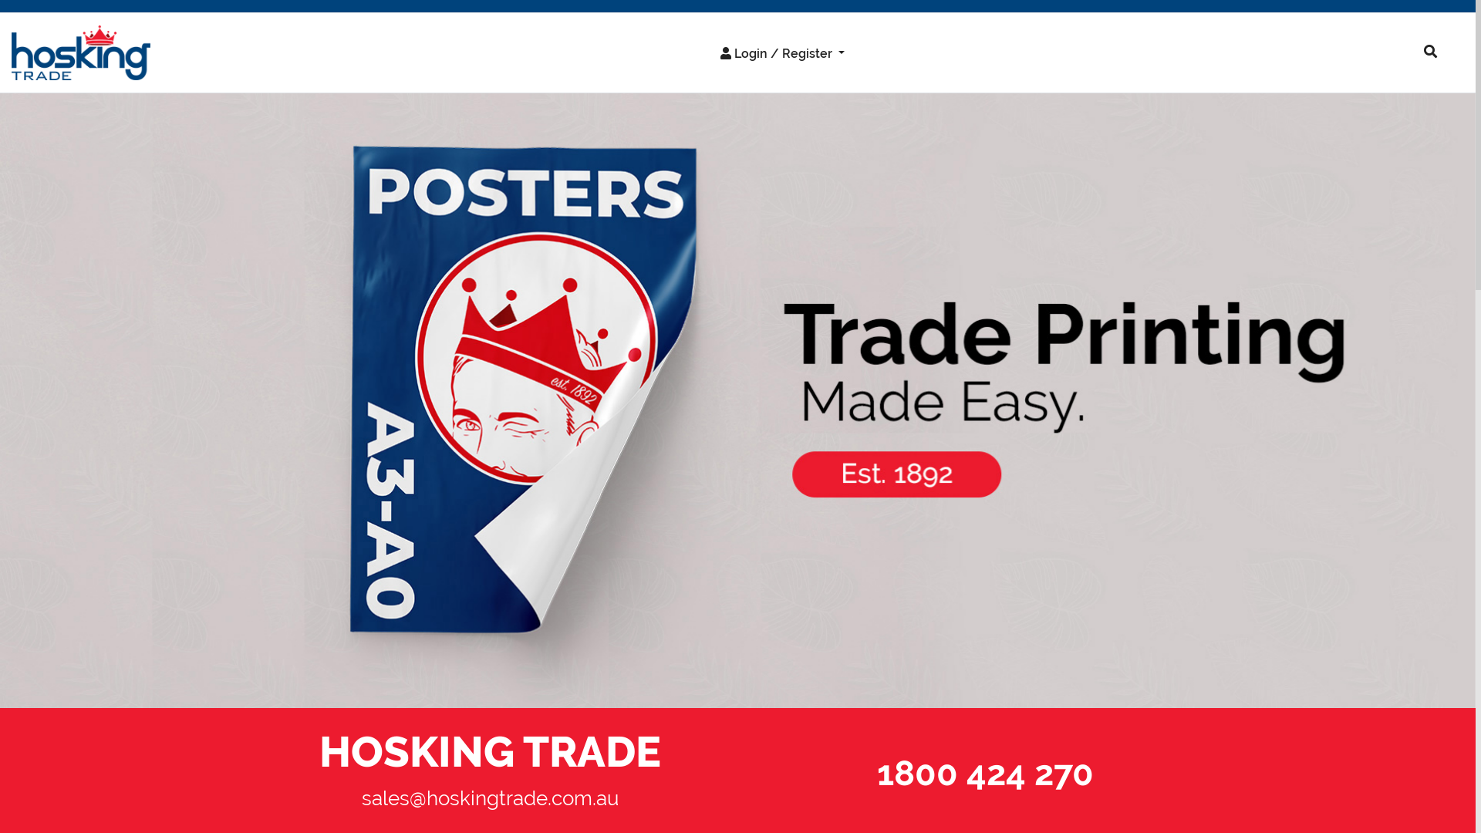 The width and height of the screenshot is (1481, 833). What do you see at coordinates (758, 86) in the screenshot?
I see `'<i class='fal fa-unlock pr-1'></i> Login'` at bounding box center [758, 86].